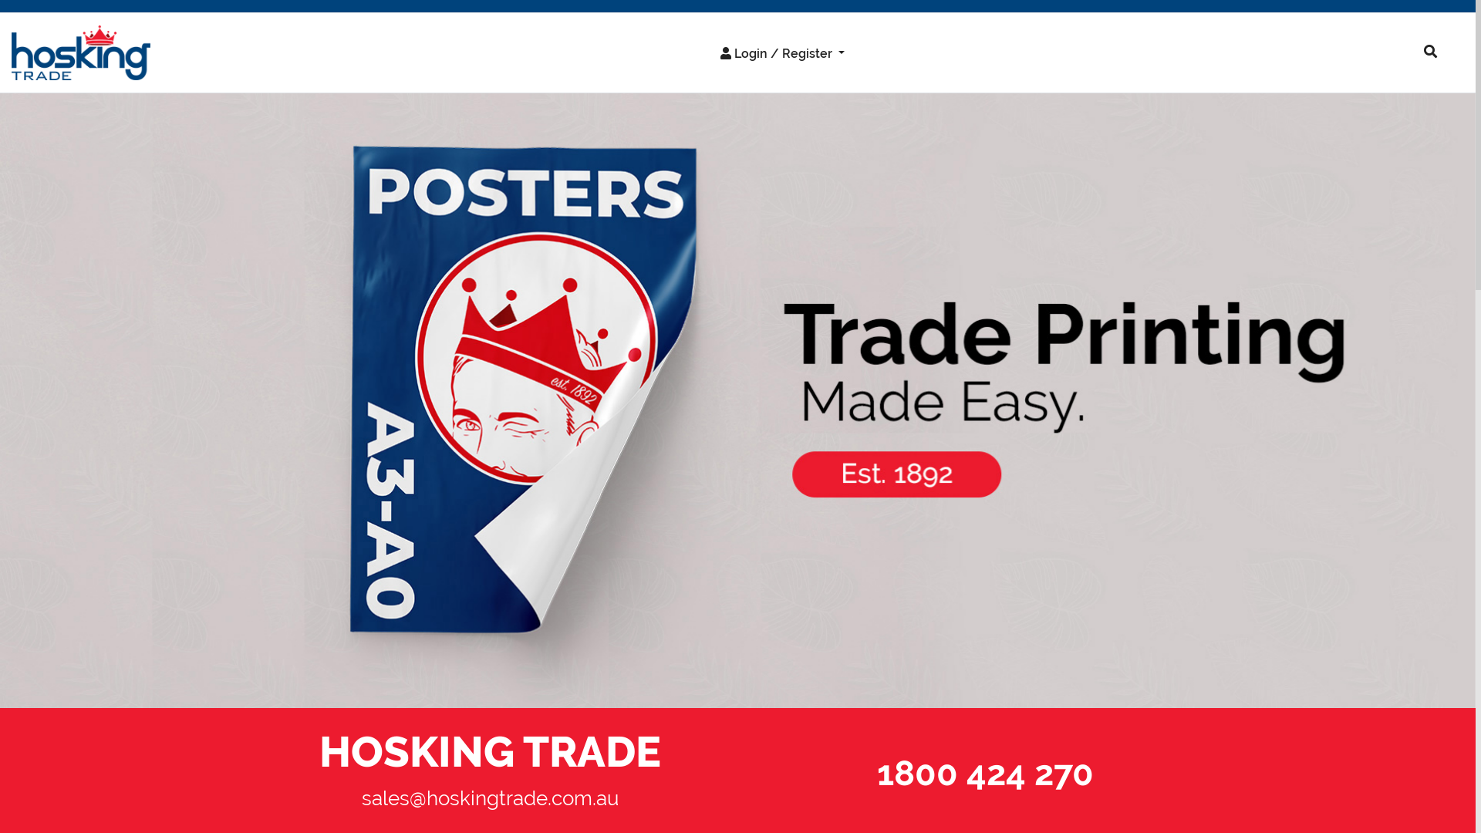 The width and height of the screenshot is (1481, 833). What do you see at coordinates (758, 86) in the screenshot?
I see `'<i class='fal fa-unlock pr-1'></i> Login'` at bounding box center [758, 86].